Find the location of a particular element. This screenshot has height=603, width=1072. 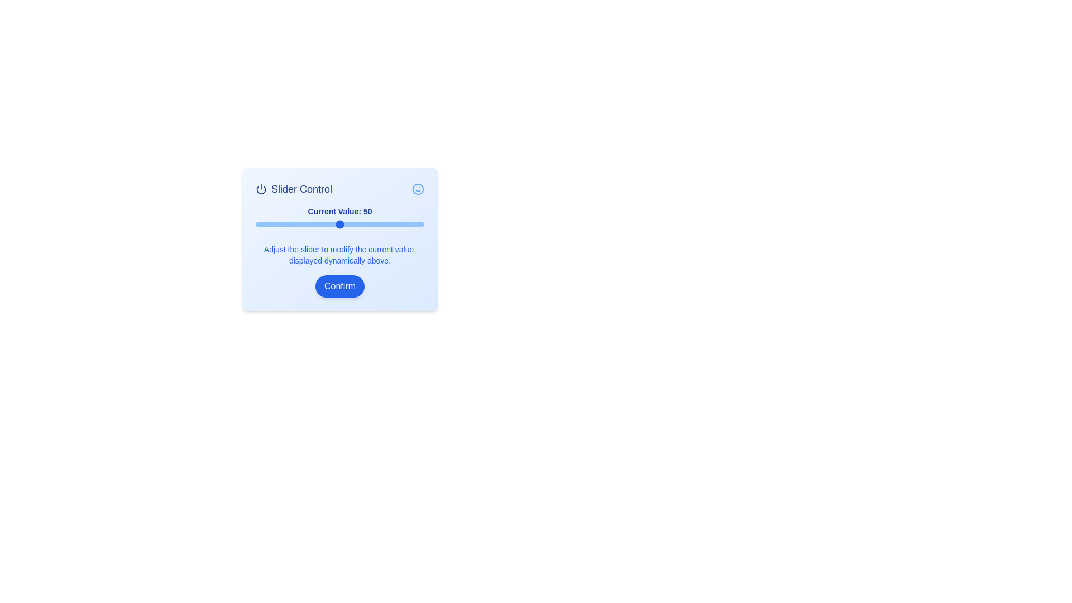

the slider's value is located at coordinates (342, 224).